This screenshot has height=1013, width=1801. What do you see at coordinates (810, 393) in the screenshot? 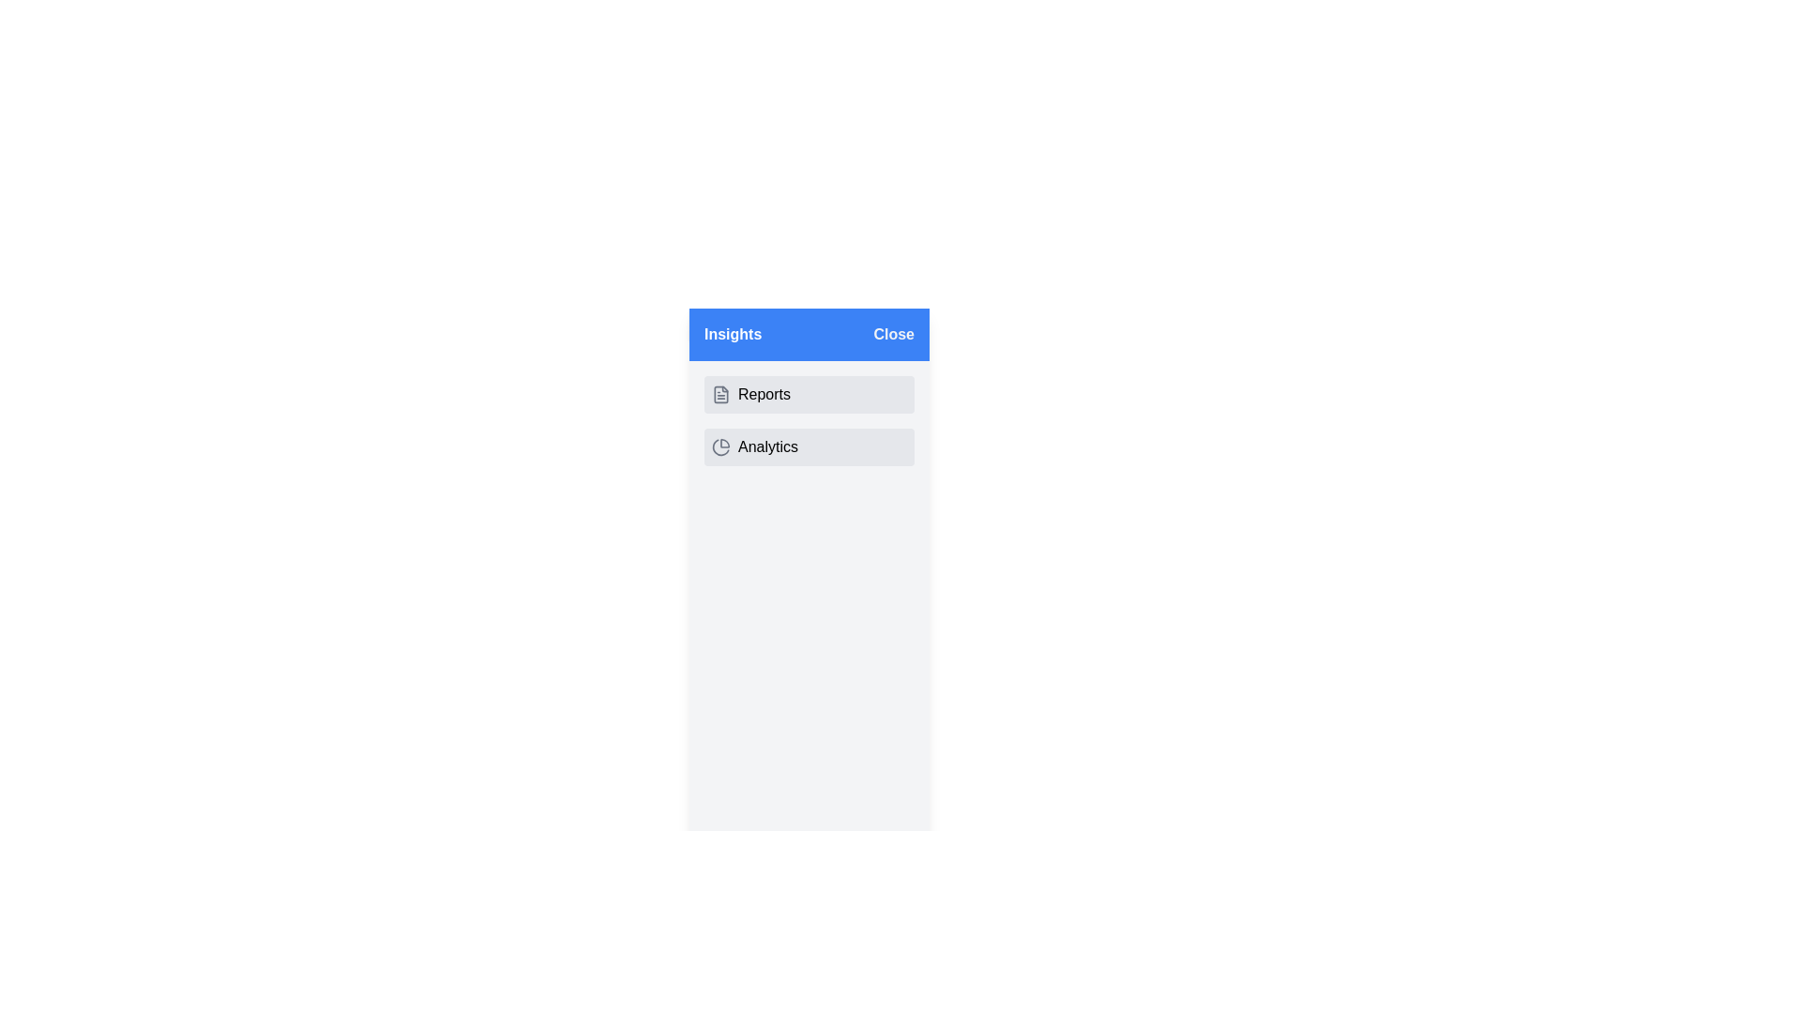
I see `the 'Reports' menu item located as the first item in the vertical stack of the menu` at bounding box center [810, 393].